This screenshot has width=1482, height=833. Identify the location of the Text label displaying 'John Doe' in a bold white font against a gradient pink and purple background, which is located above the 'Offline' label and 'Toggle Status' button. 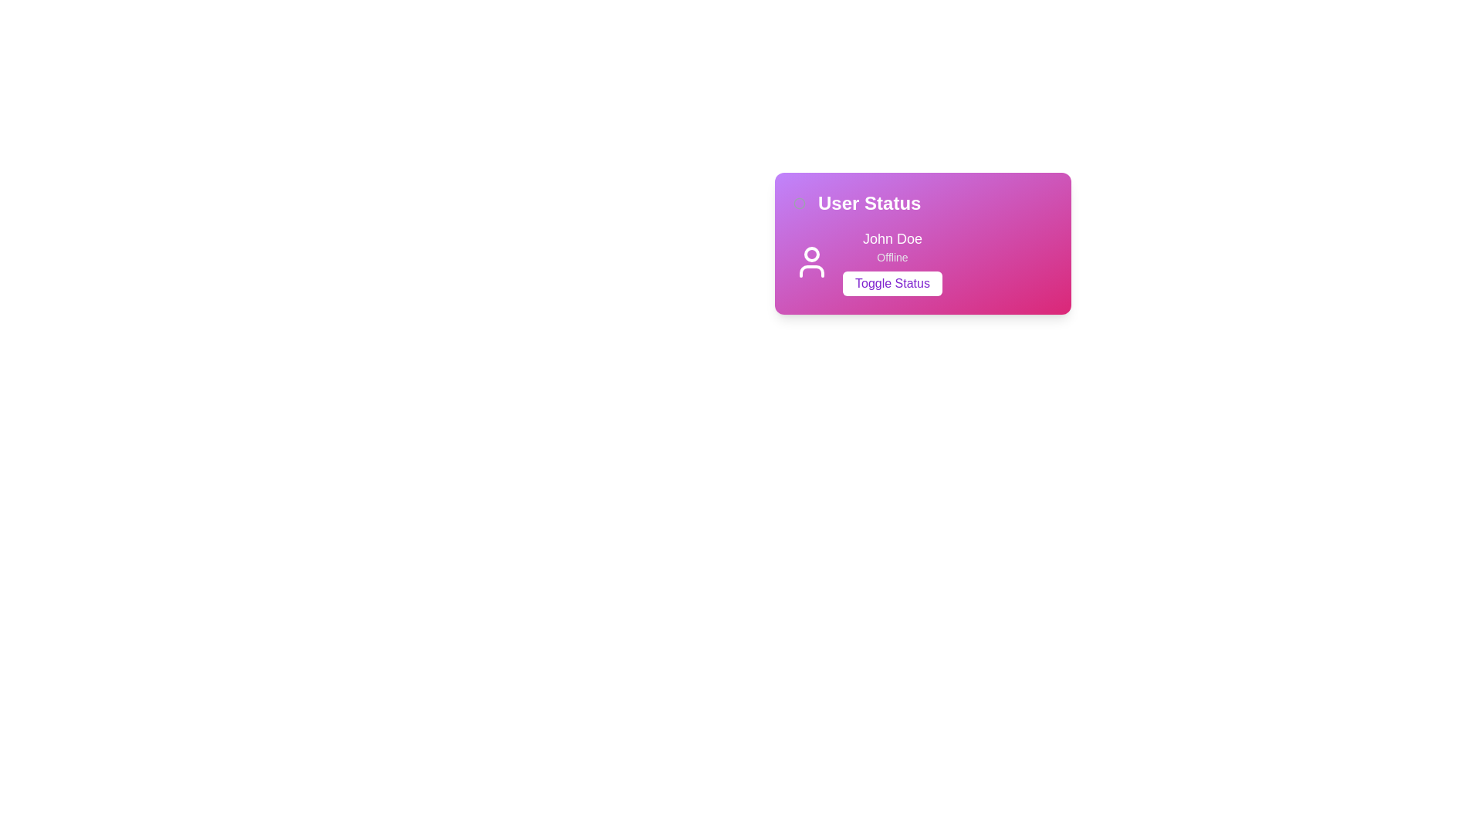
(892, 238).